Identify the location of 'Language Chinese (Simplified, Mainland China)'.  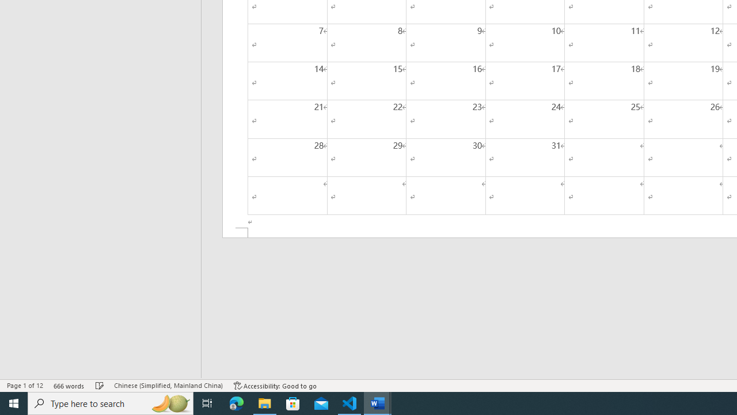
(168, 386).